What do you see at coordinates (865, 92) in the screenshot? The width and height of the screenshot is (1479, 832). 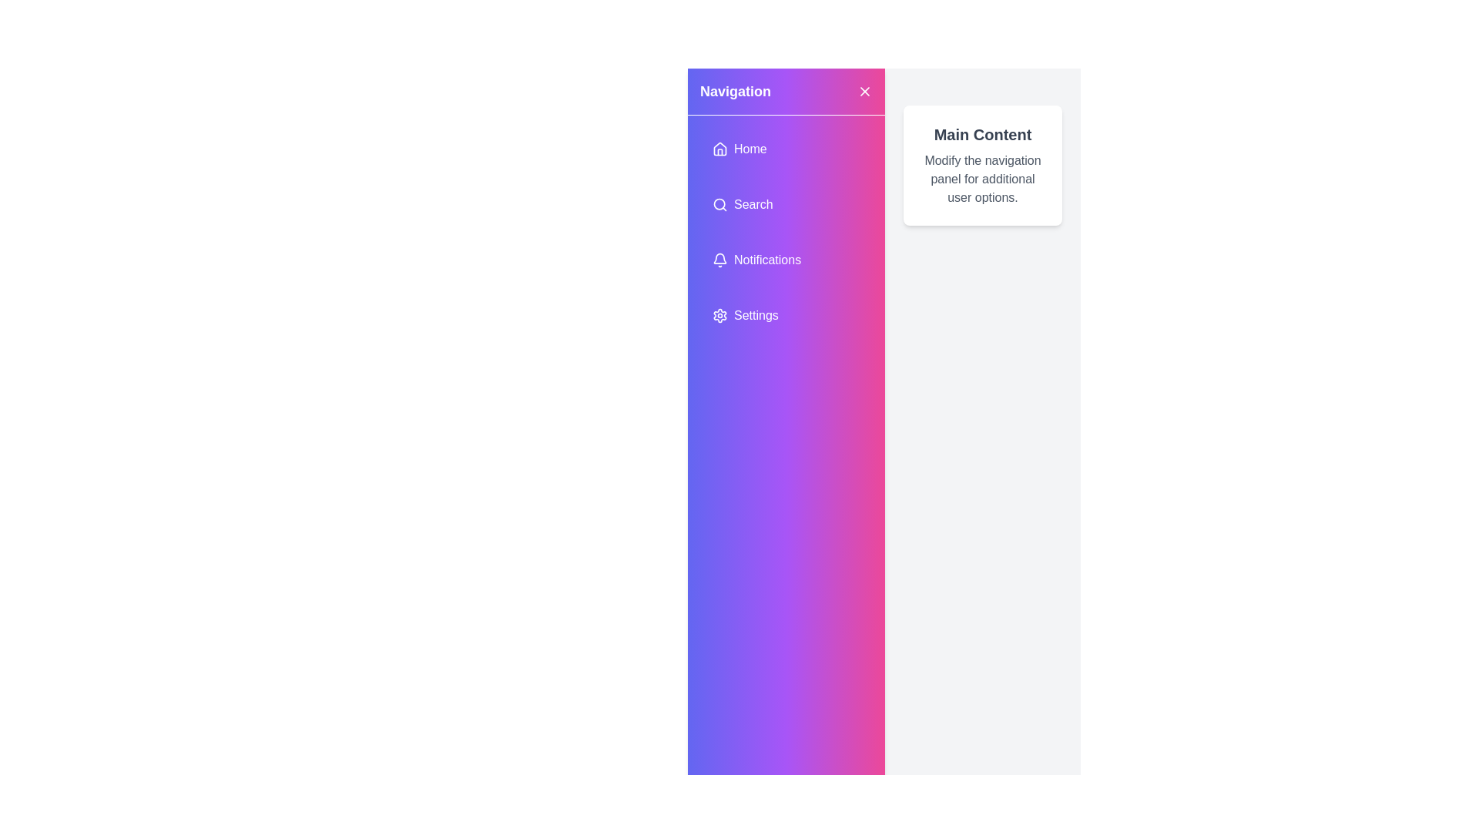 I see `the small button with a white cross icon located in the top-right corner of the navigation panel header to observe its hover state` at bounding box center [865, 92].